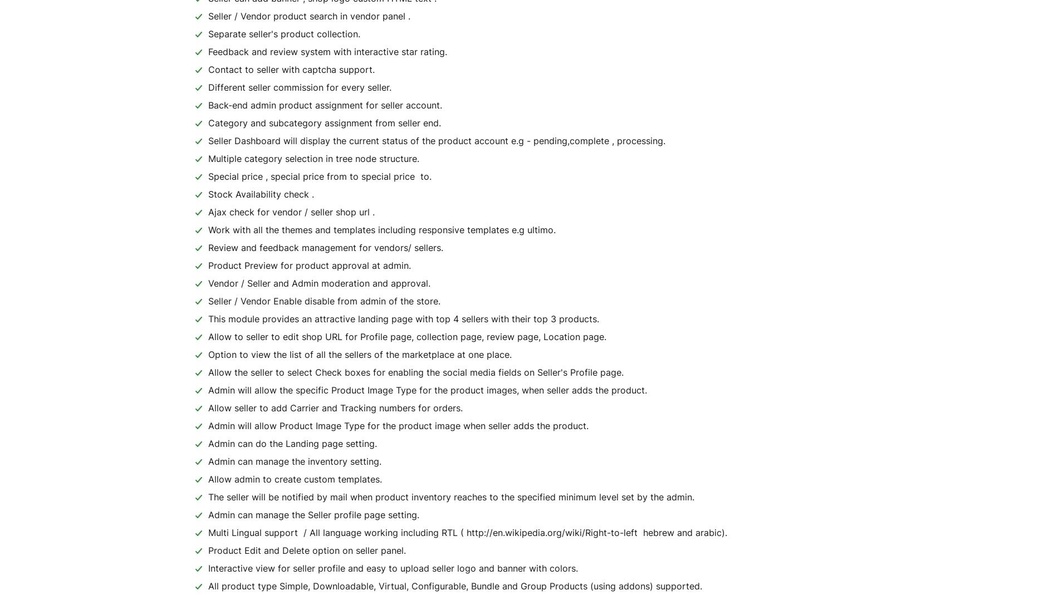  What do you see at coordinates (454, 586) in the screenshot?
I see `'All product type Simple, Downloadable, Virtual, Configurable, Bundle and Group Products (using addons) supported.'` at bounding box center [454, 586].